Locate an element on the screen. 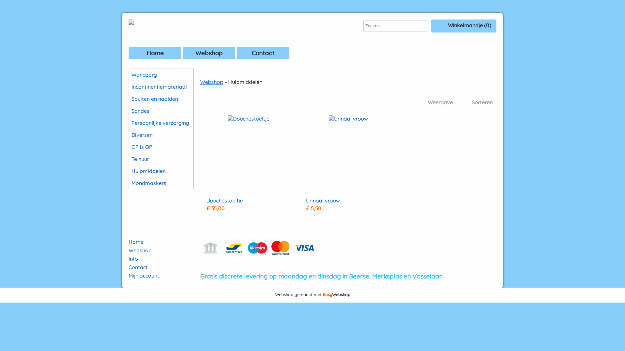  'Weergave' is located at coordinates (435, 102).